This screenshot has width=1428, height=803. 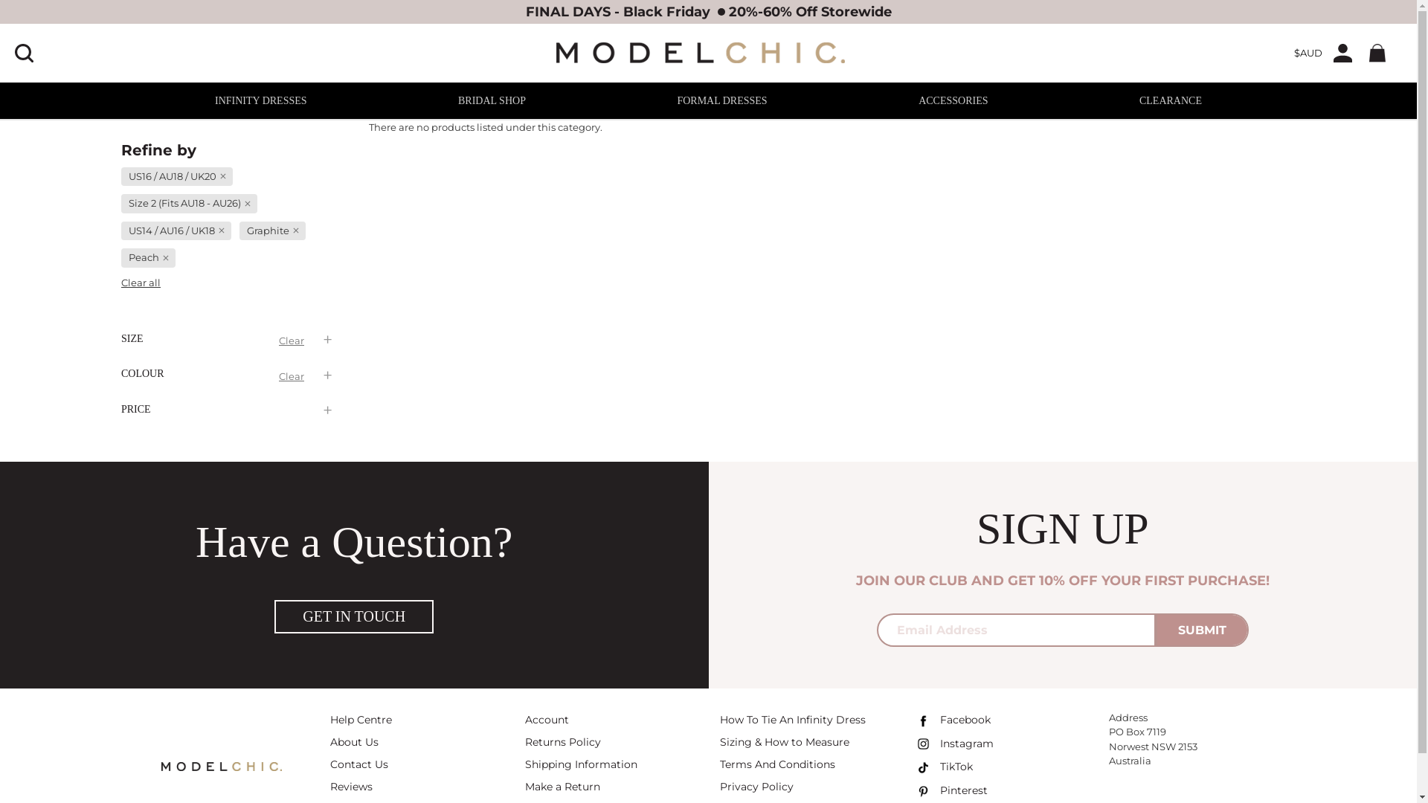 What do you see at coordinates (952, 722) in the screenshot?
I see `'Facebook'` at bounding box center [952, 722].